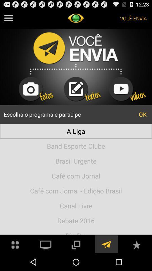  I want to click on option as favorite, so click(136, 244).